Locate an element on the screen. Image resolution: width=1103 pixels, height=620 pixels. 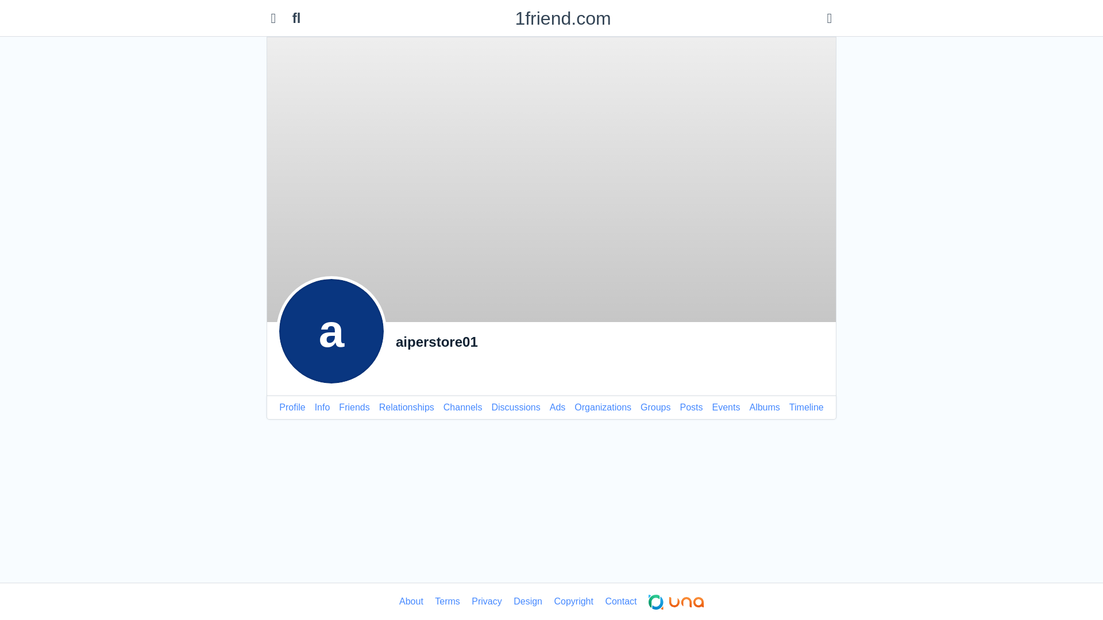
'a' is located at coordinates (330, 331).